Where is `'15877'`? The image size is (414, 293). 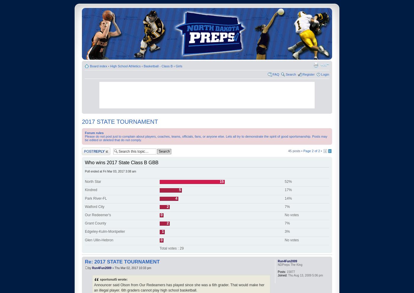
'15877' is located at coordinates (290, 271).